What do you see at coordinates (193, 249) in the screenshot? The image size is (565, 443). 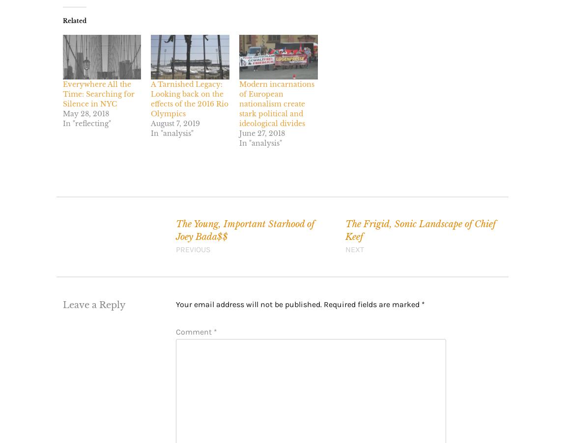 I see `'Previous'` at bounding box center [193, 249].